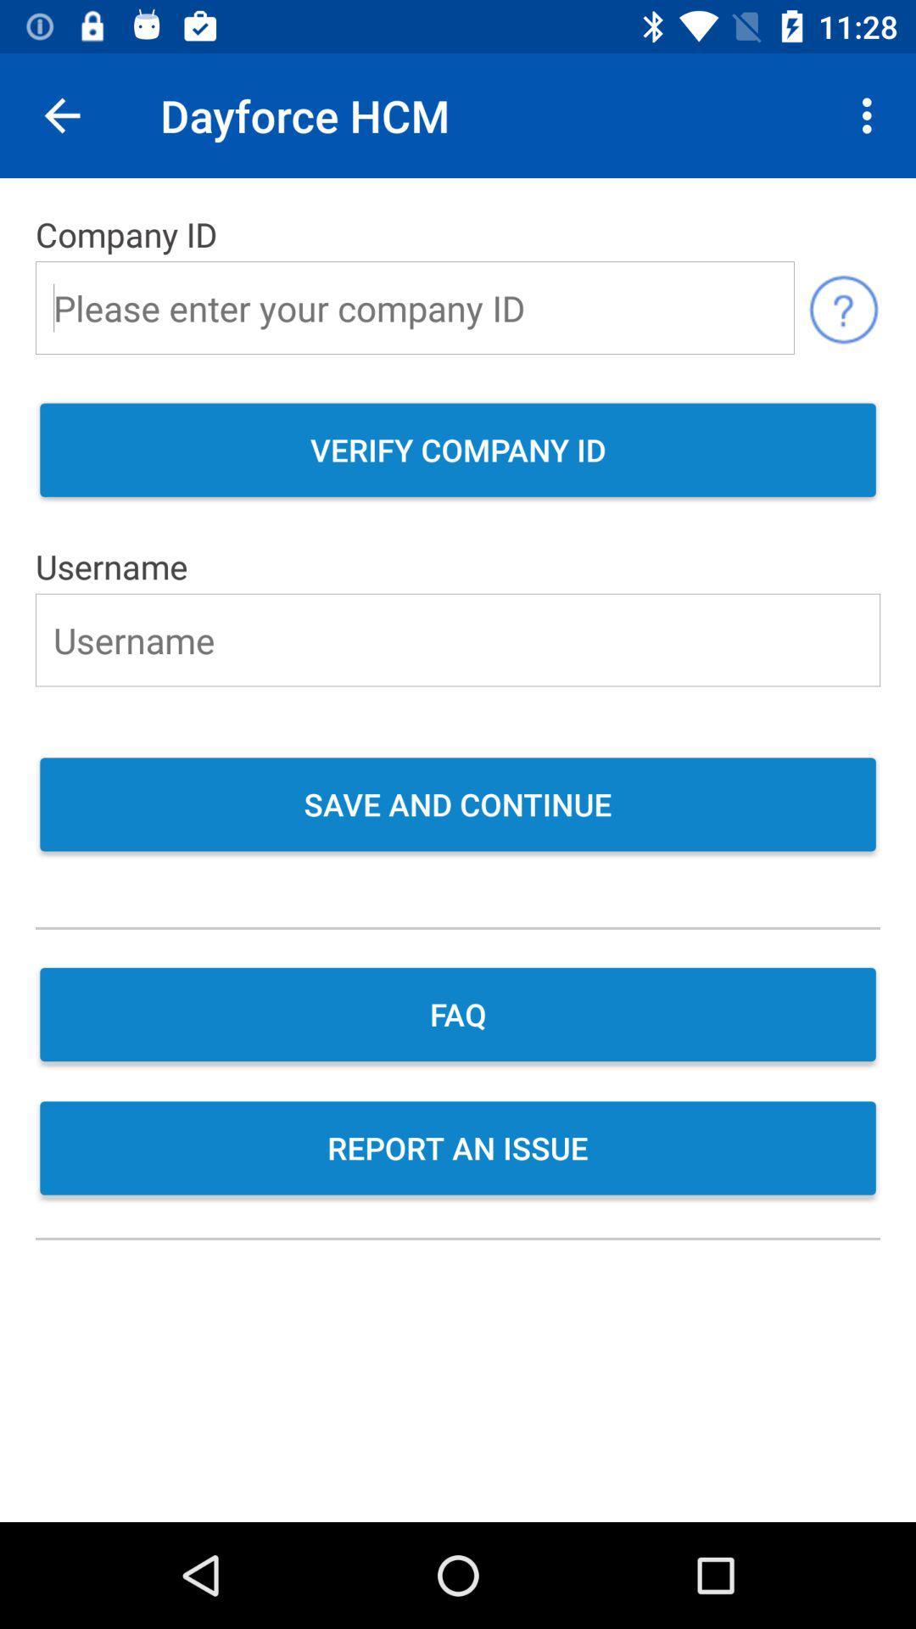 The image size is (916, 1629). Describe the element at coordinates (458, 805) in the screenshot. I see `save and continue item` at that location.